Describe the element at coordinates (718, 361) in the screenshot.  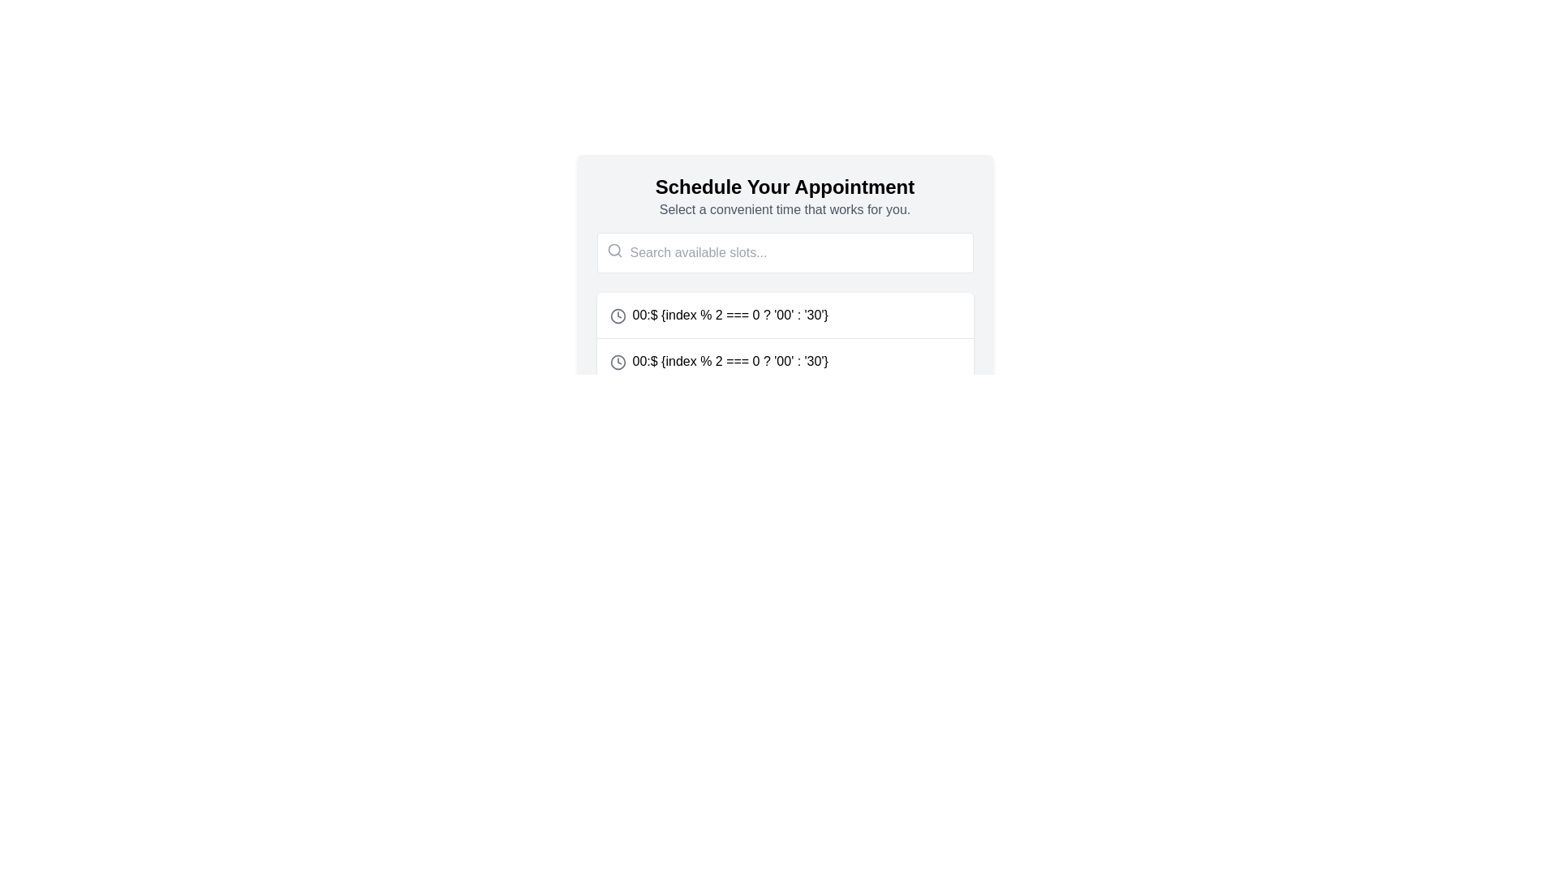
I see `the second list item that starts with '00:$' and has a clock icon` at that location.